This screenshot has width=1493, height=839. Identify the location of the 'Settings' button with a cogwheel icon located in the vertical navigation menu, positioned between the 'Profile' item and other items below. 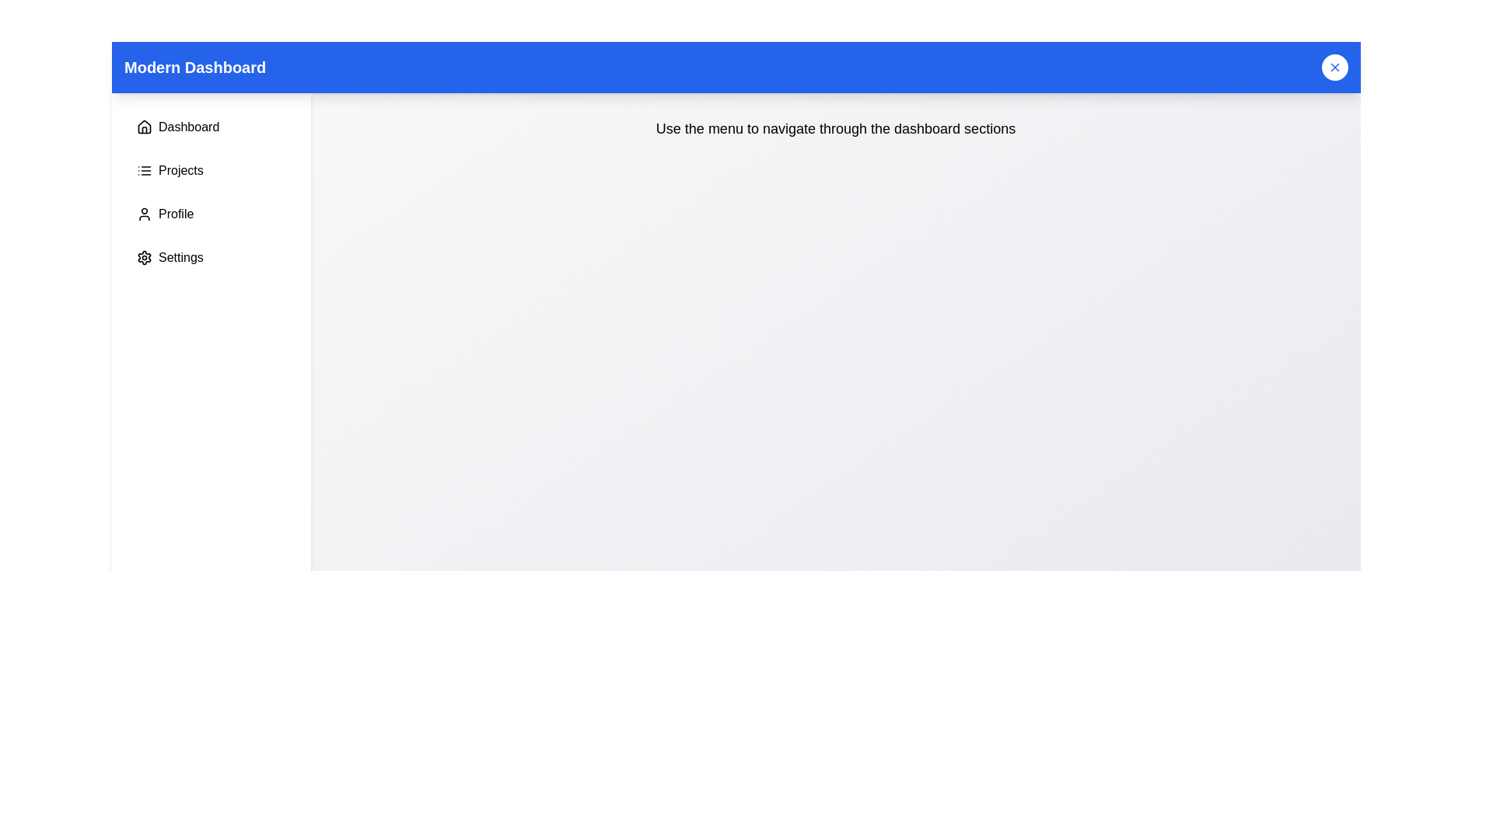
(211, 256).